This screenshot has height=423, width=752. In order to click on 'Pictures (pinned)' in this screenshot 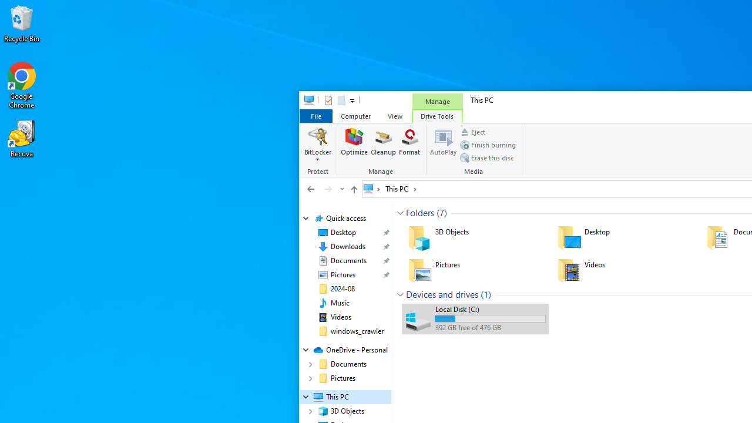, I will do `click(342, 275)`.